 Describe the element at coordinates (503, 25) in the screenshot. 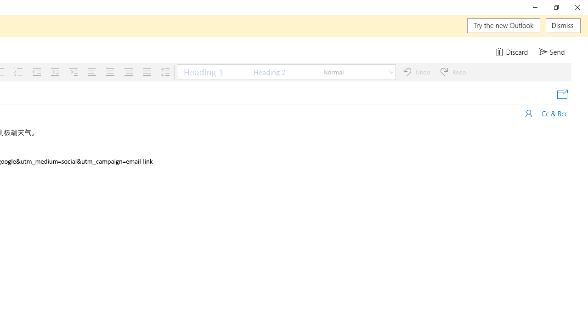

I see `'Try the new Outlook'` at that location.